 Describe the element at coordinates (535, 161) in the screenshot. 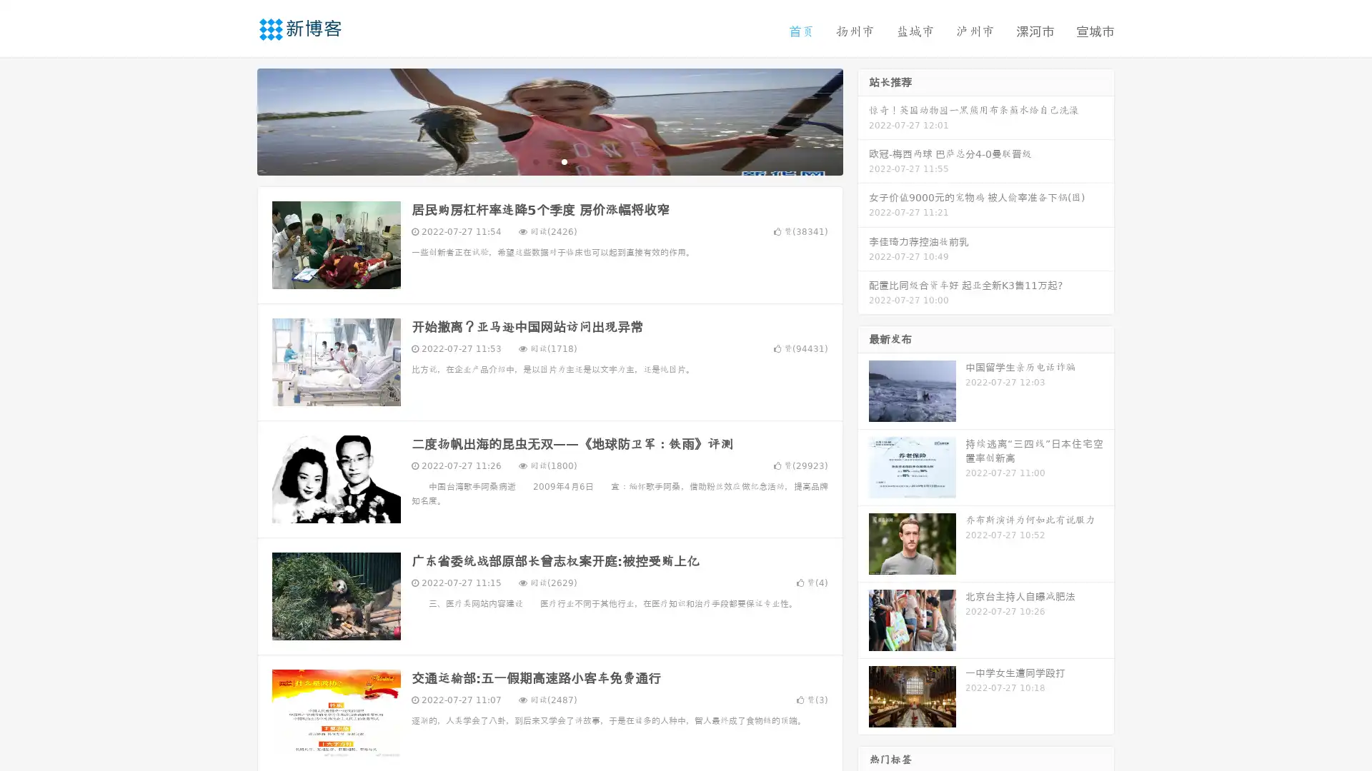

I see `Go to slide 1` at that location.